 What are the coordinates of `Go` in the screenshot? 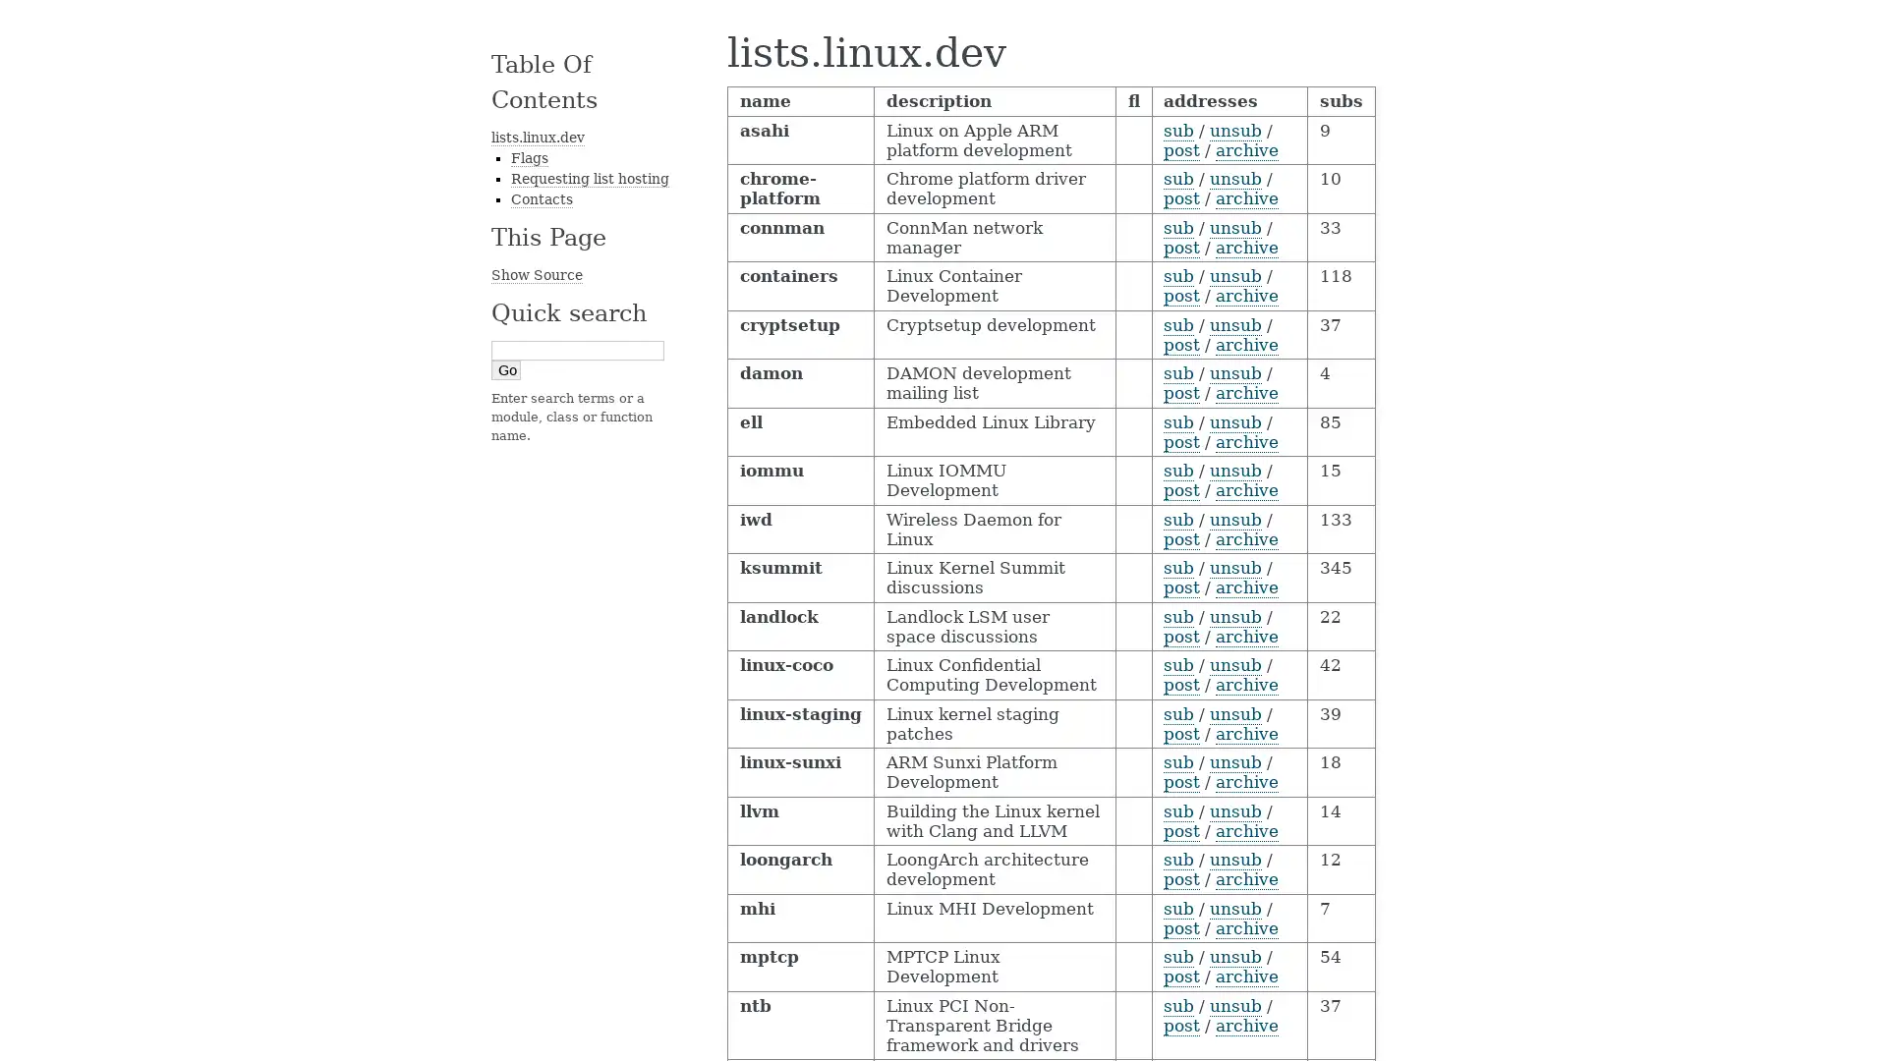 It's located at (505, 370).